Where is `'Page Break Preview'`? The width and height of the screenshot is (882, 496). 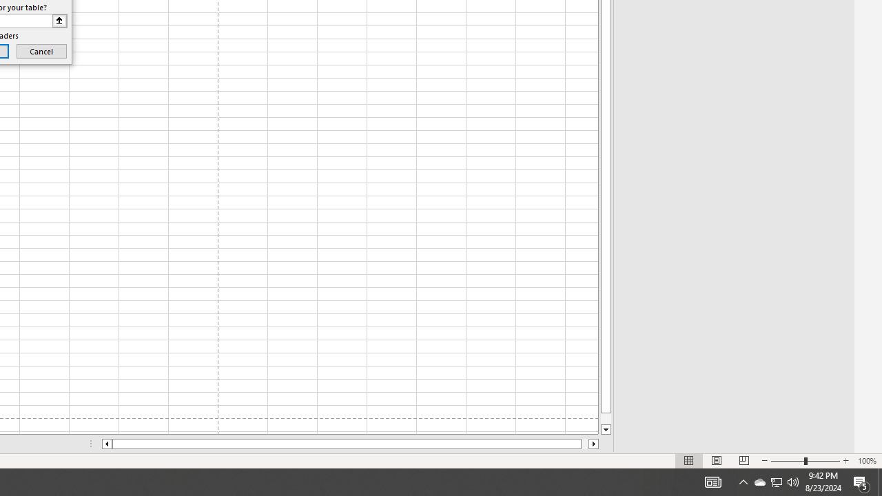
'Page Break Preview' is located at coordinates (743, 461).